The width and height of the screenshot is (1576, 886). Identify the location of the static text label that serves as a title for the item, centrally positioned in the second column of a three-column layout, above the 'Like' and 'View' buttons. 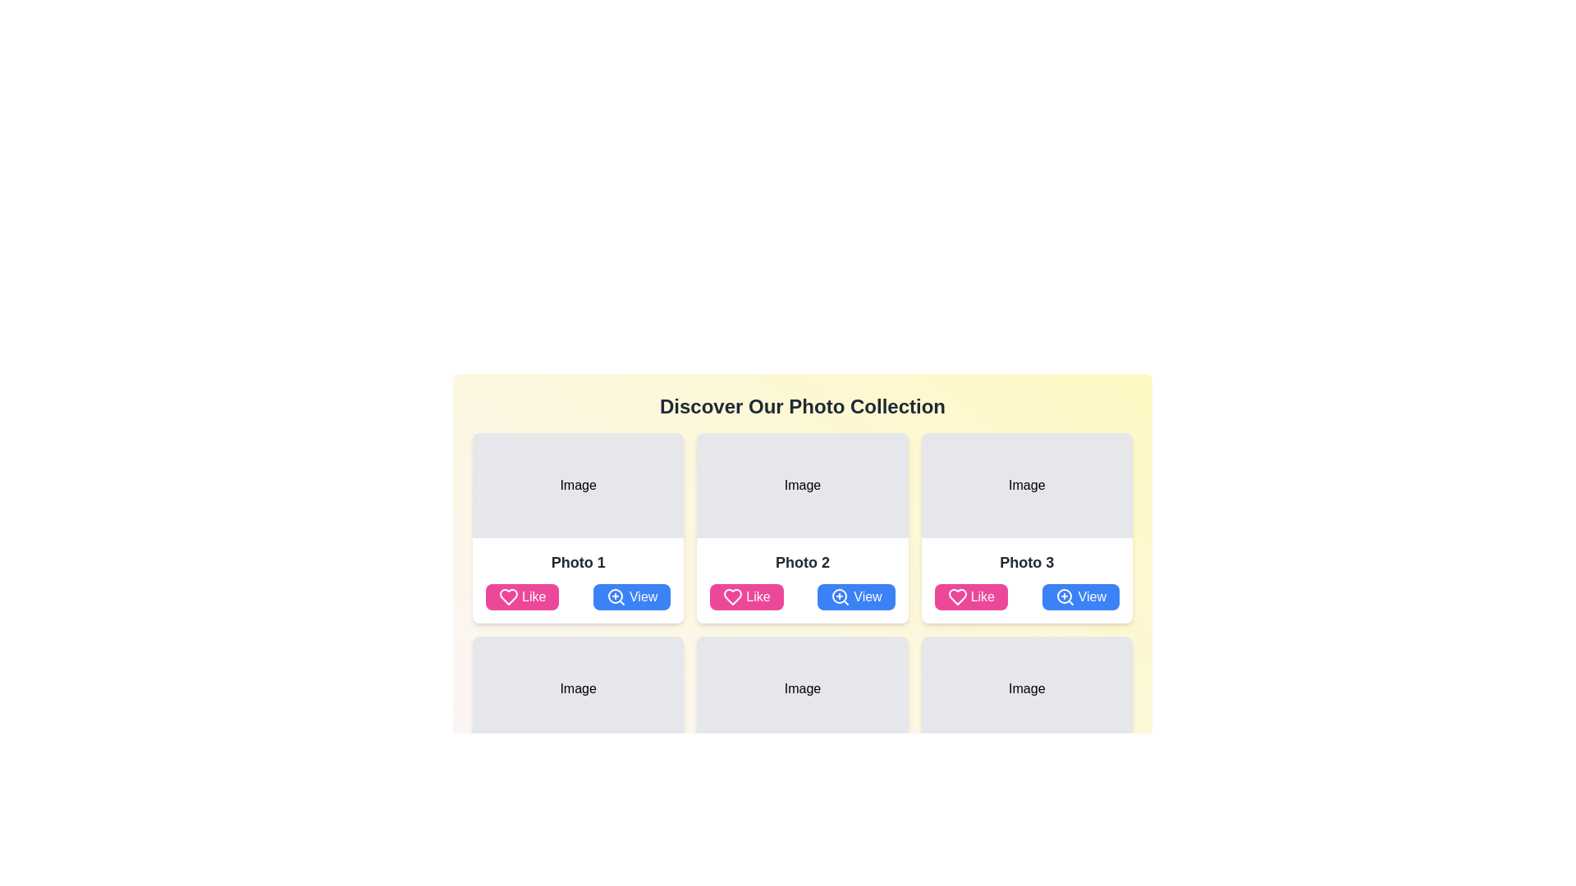
(803, 562).